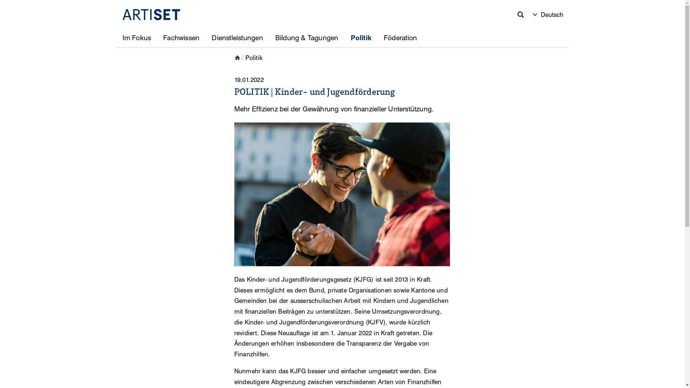 The width and height of the screenshot is (690, 388). I want to click on 'Im Fokus', so click(137, 38).